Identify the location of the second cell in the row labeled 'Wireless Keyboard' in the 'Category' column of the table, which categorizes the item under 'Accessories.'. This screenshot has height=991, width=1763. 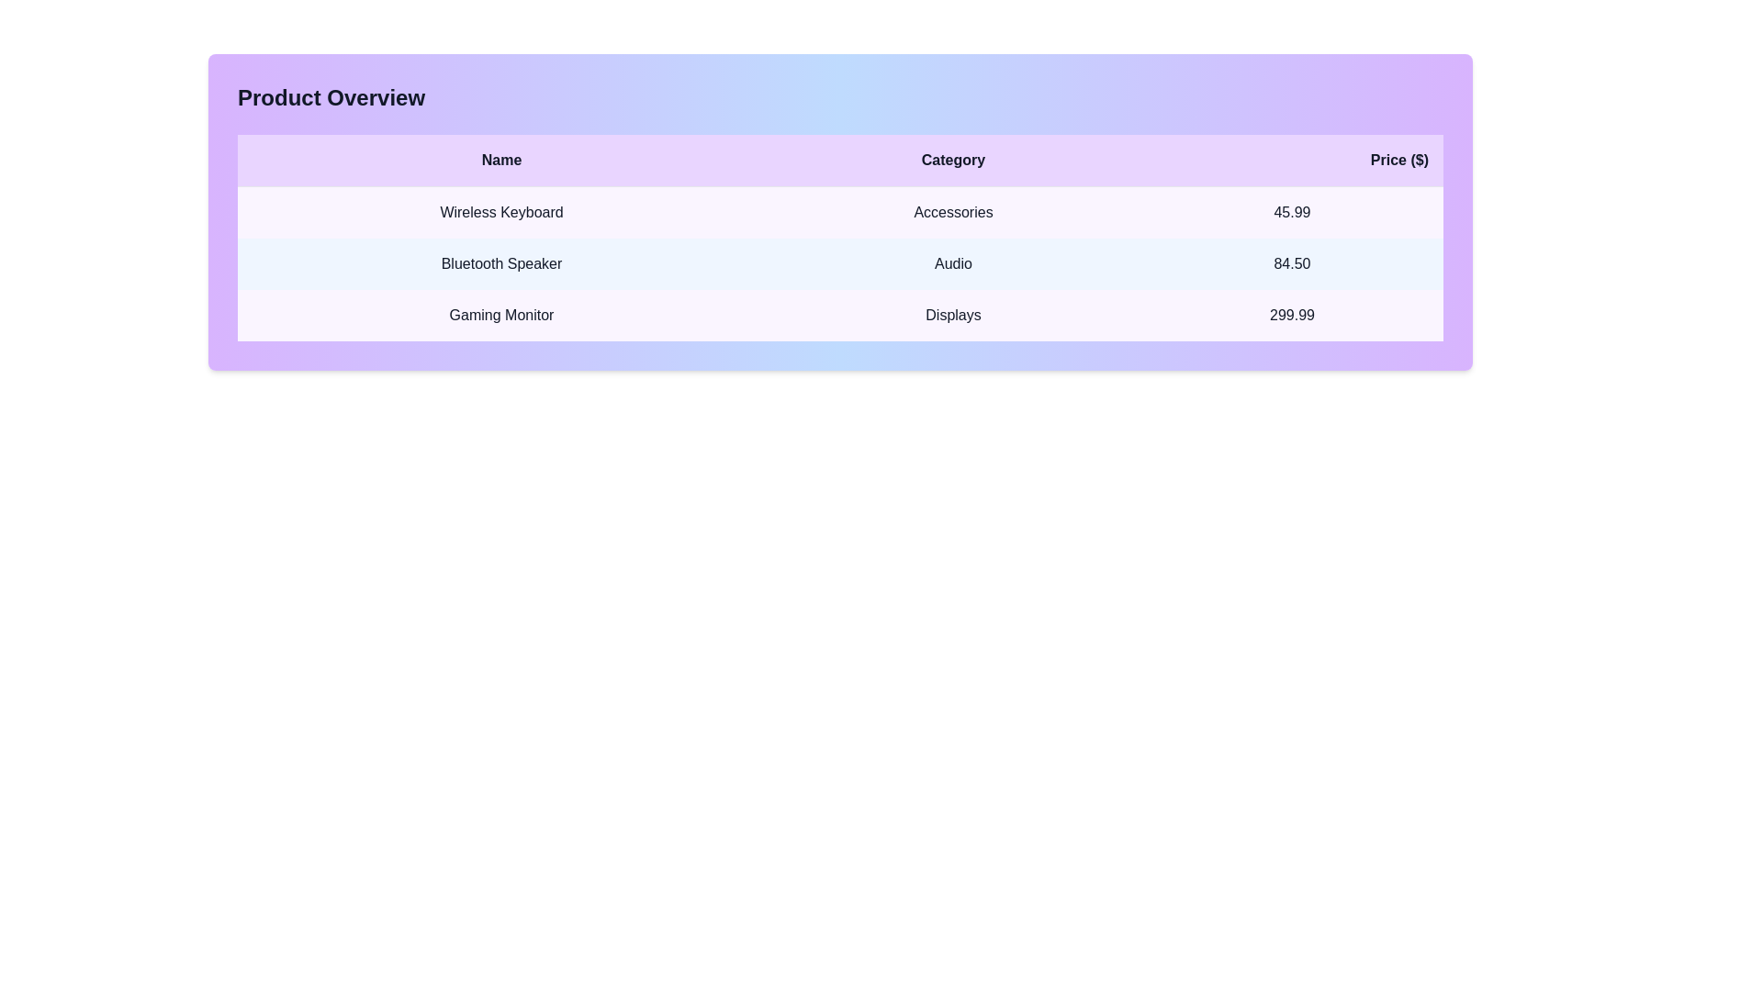
(953, 211).